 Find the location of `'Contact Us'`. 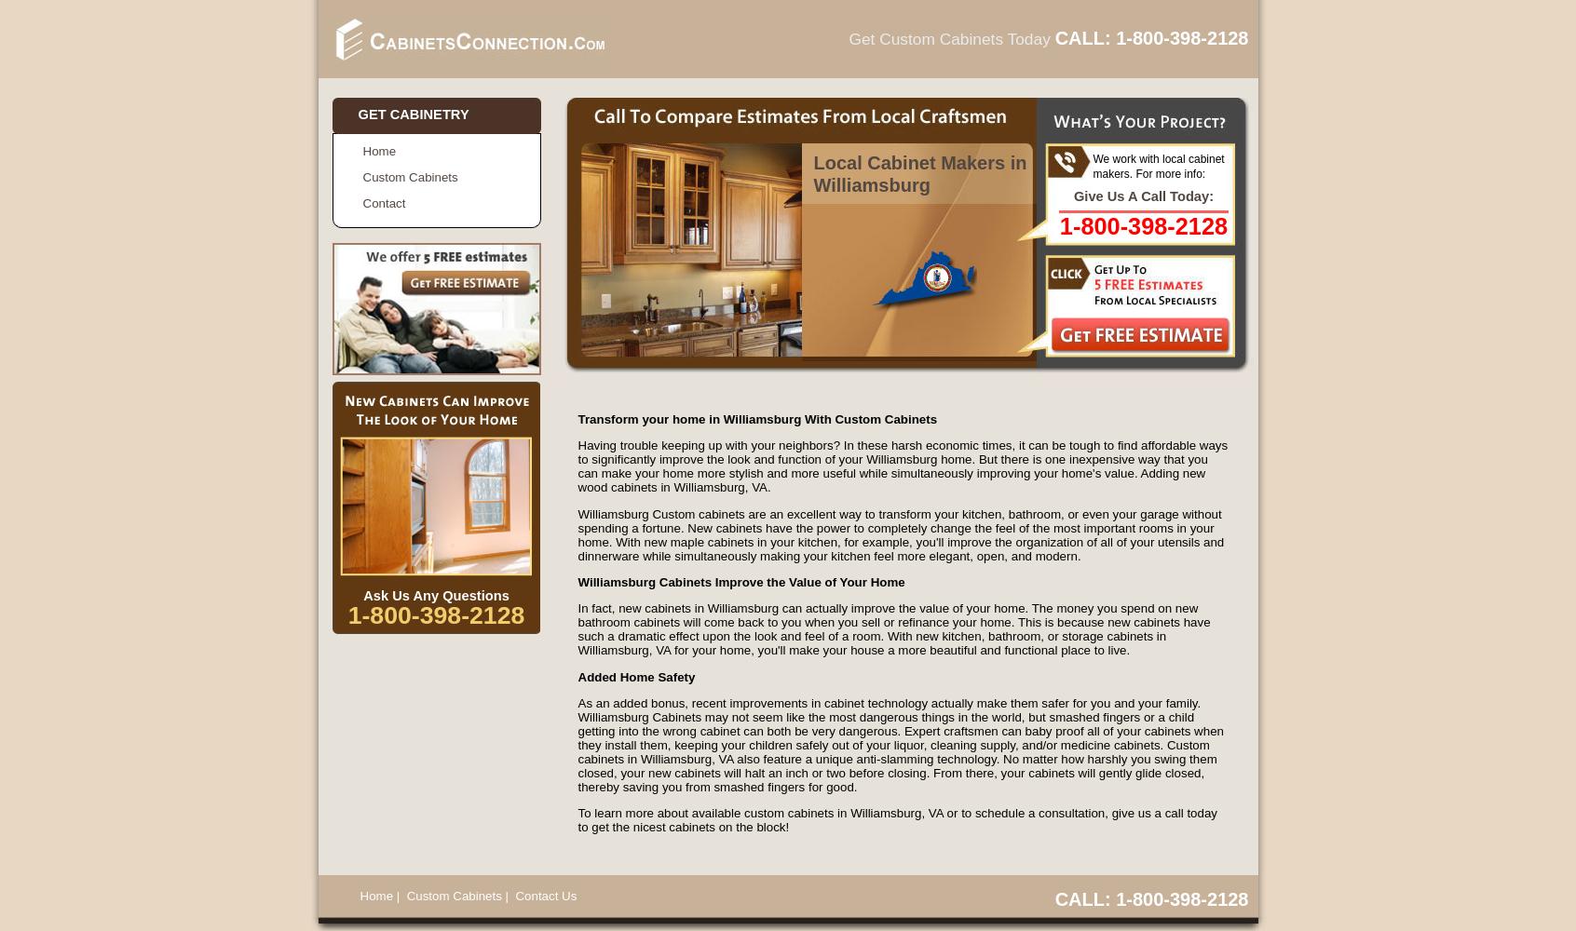

'Contact Us' is located at coordinates (544, 894).